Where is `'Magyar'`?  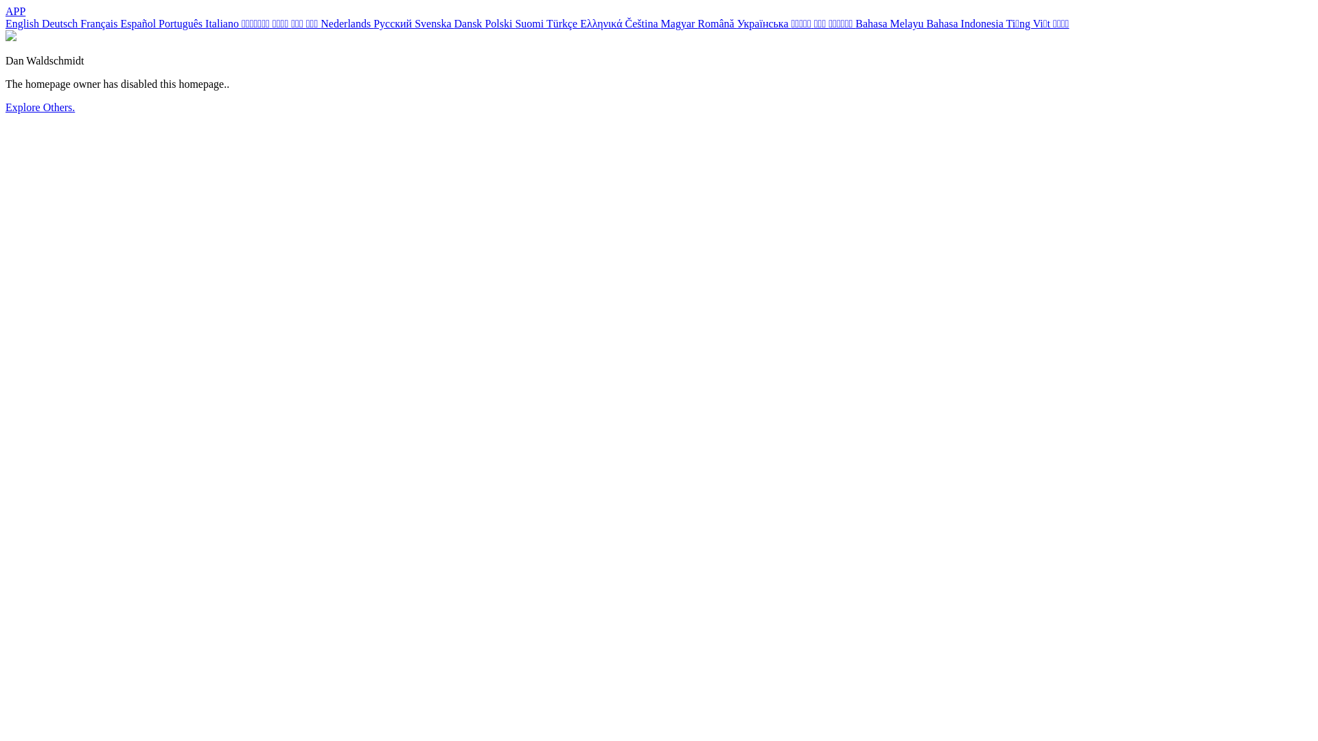
'Magyar' is located at coordinates (679, 23).